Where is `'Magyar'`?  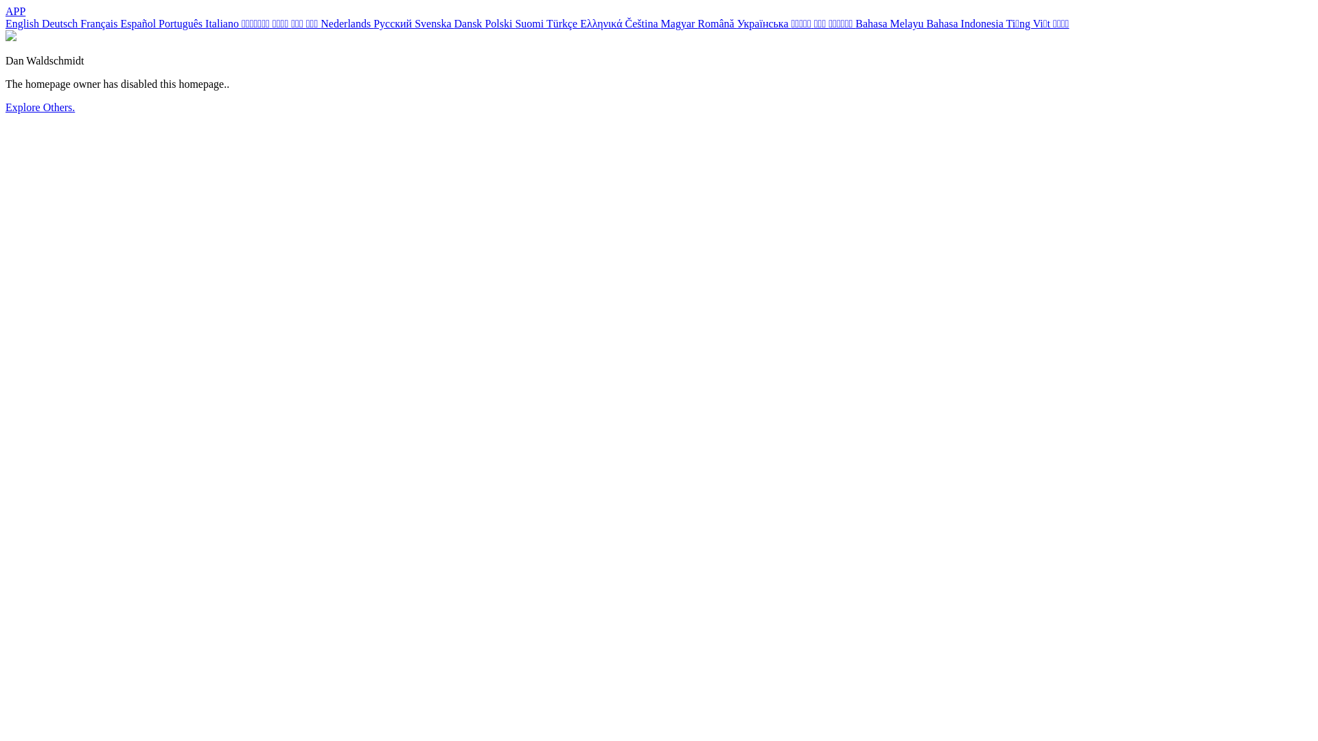
'Magyar' is located at coordinates (679, 23).